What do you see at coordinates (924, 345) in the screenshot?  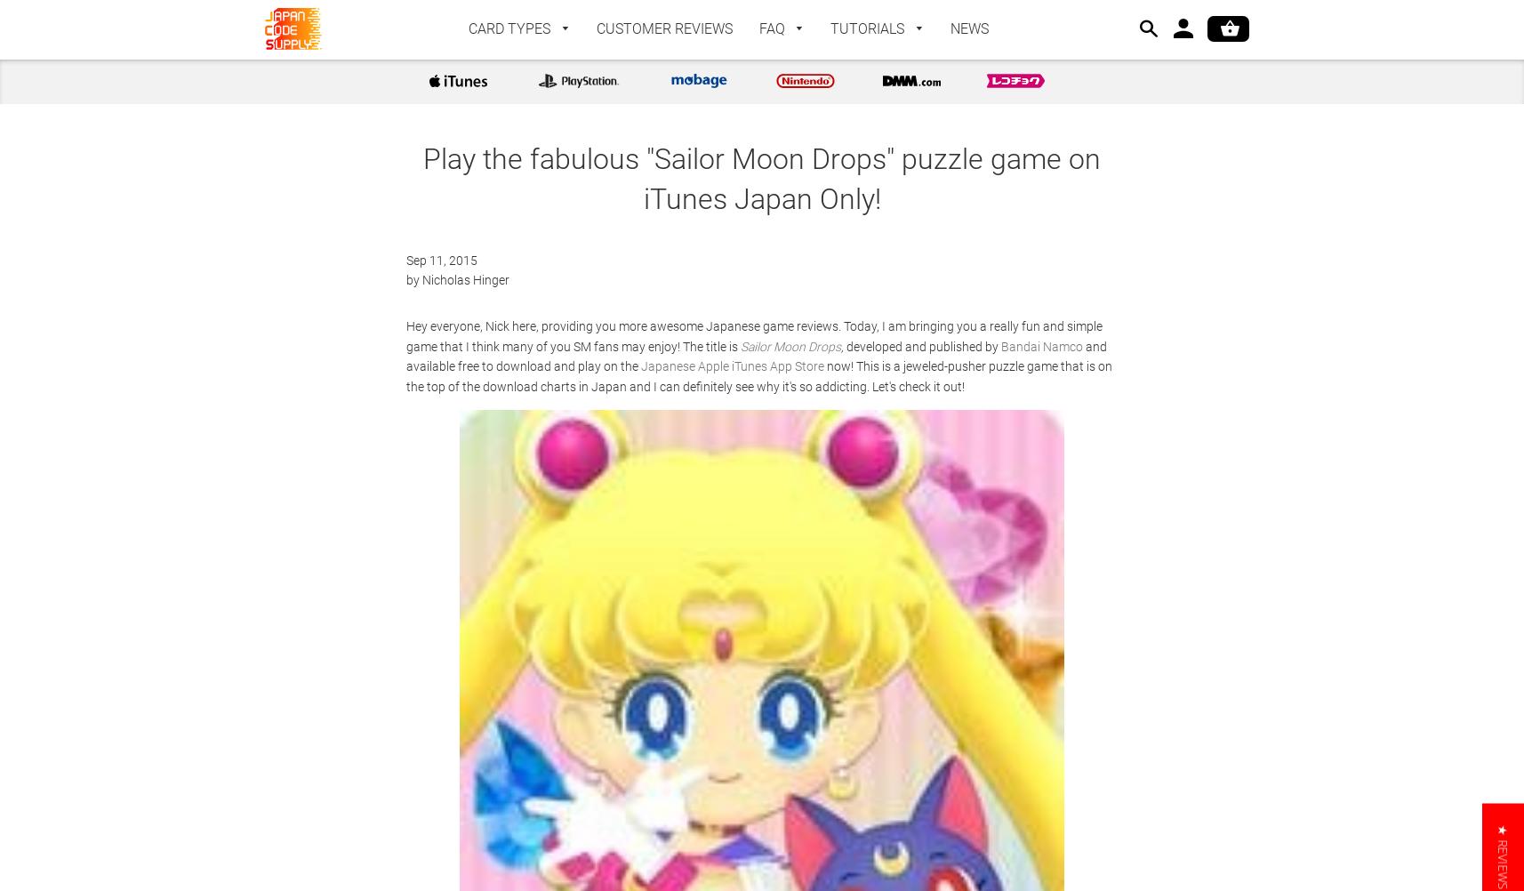 I see `'developed and published by'` at bounding box center [924, 345].